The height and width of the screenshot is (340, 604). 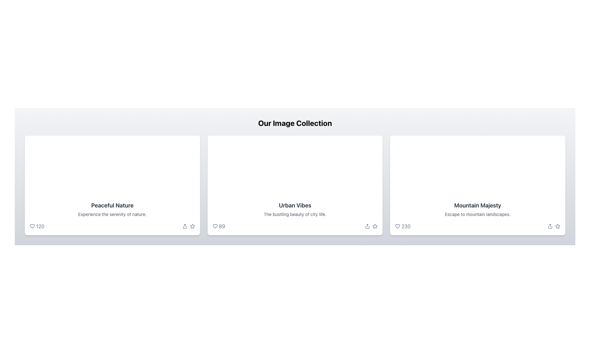 I want to click on the star-shaped icon for bookmarking or unbookmarking the 'Mountain Majesty' card located in the bottom-right section of the card, so click(x=557, y=225).